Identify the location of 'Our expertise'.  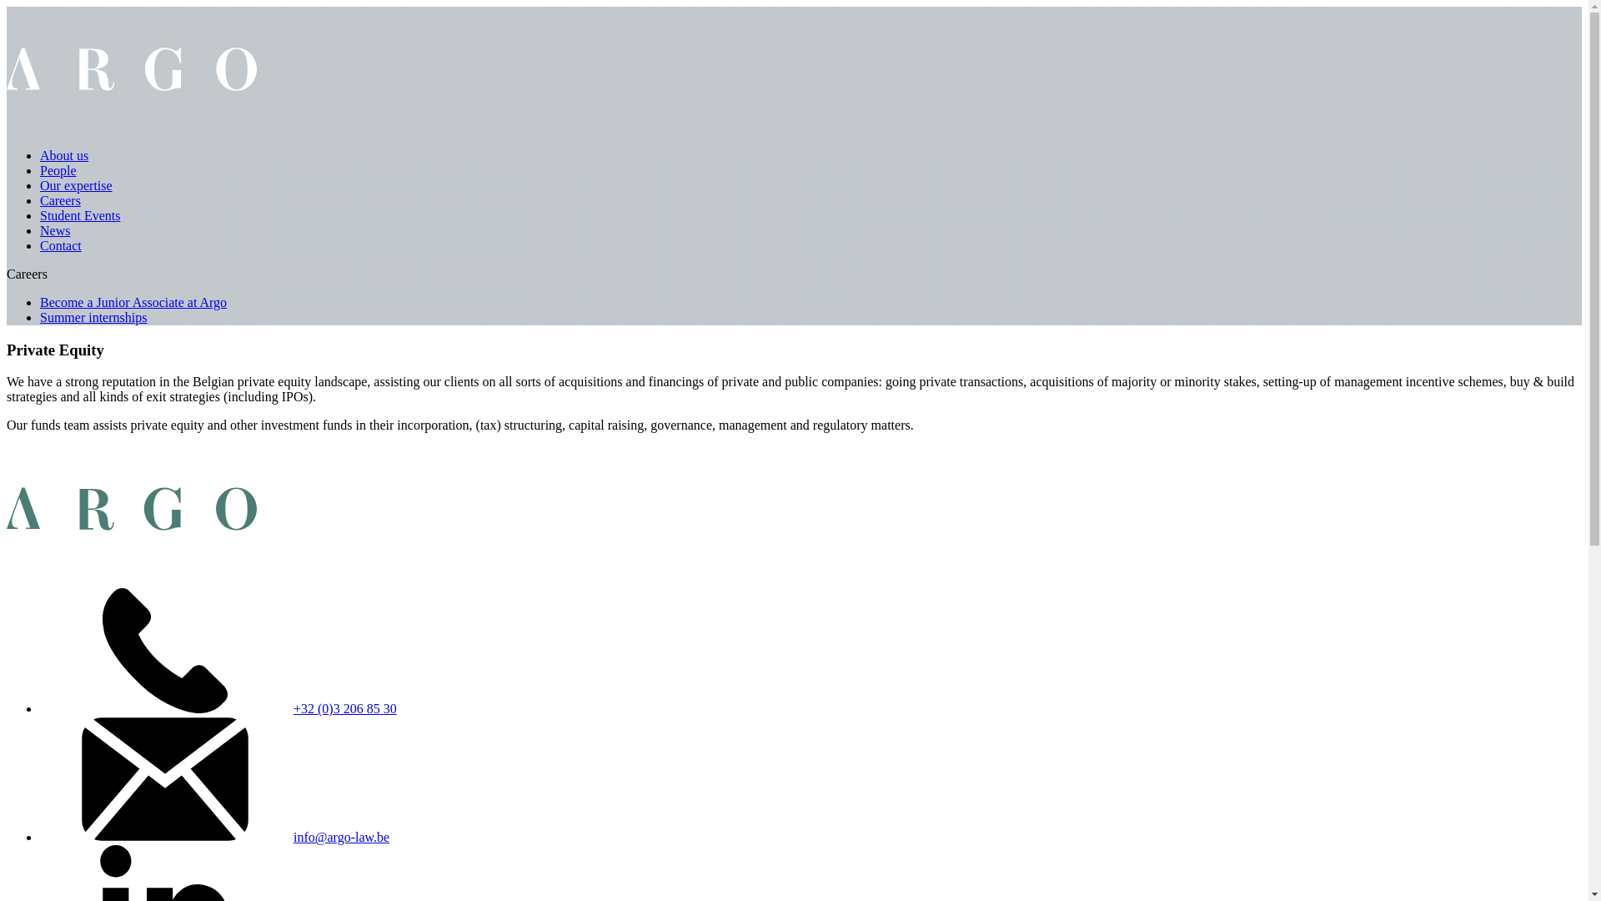
(75, 185).